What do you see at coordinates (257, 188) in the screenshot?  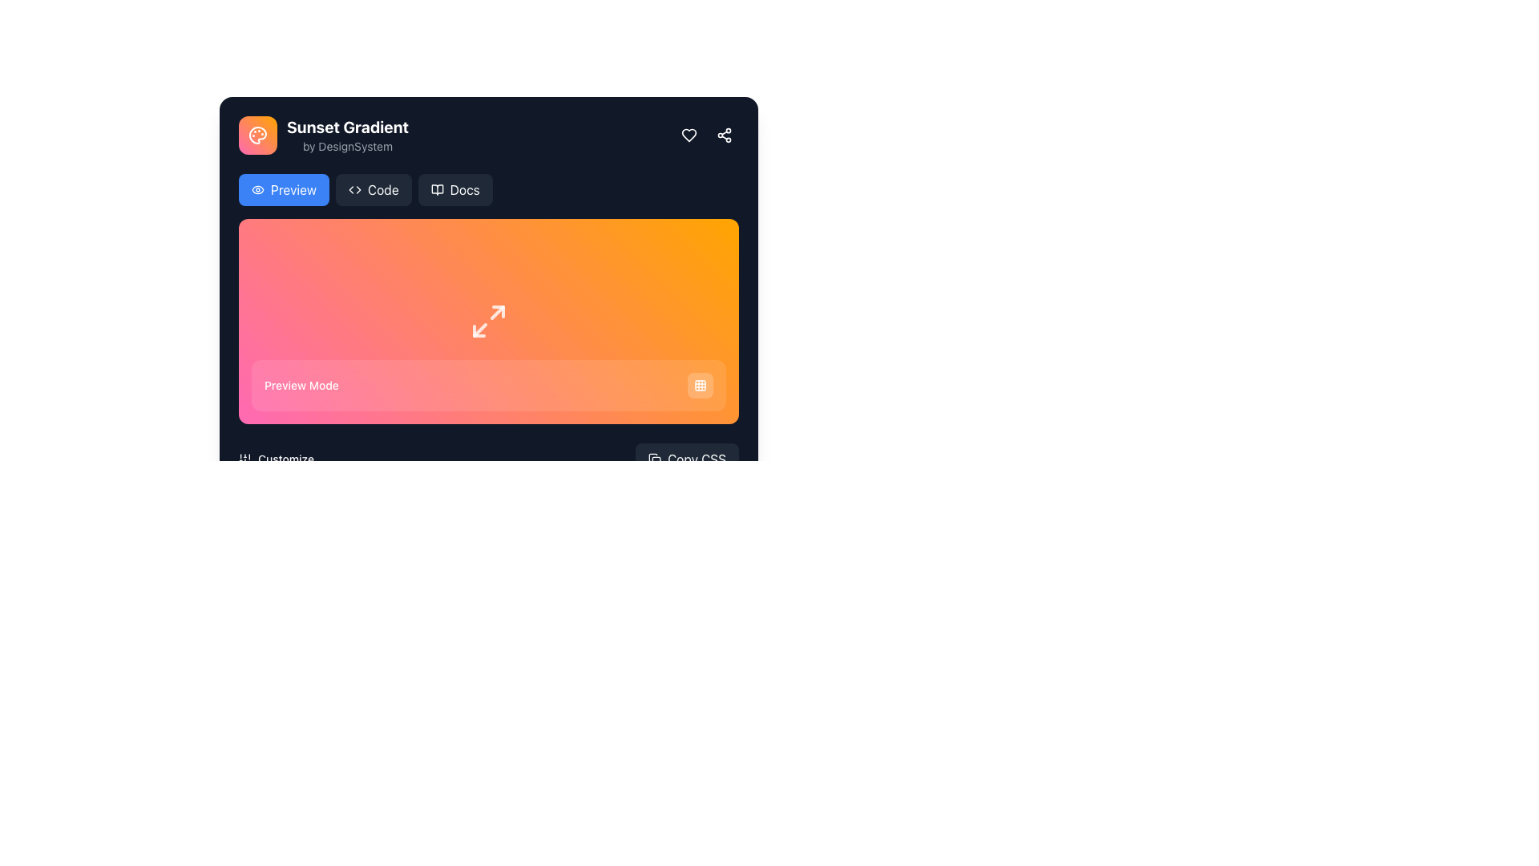 I see `the eye icon within the 'Preview' button` at bounding box center [257, 188].